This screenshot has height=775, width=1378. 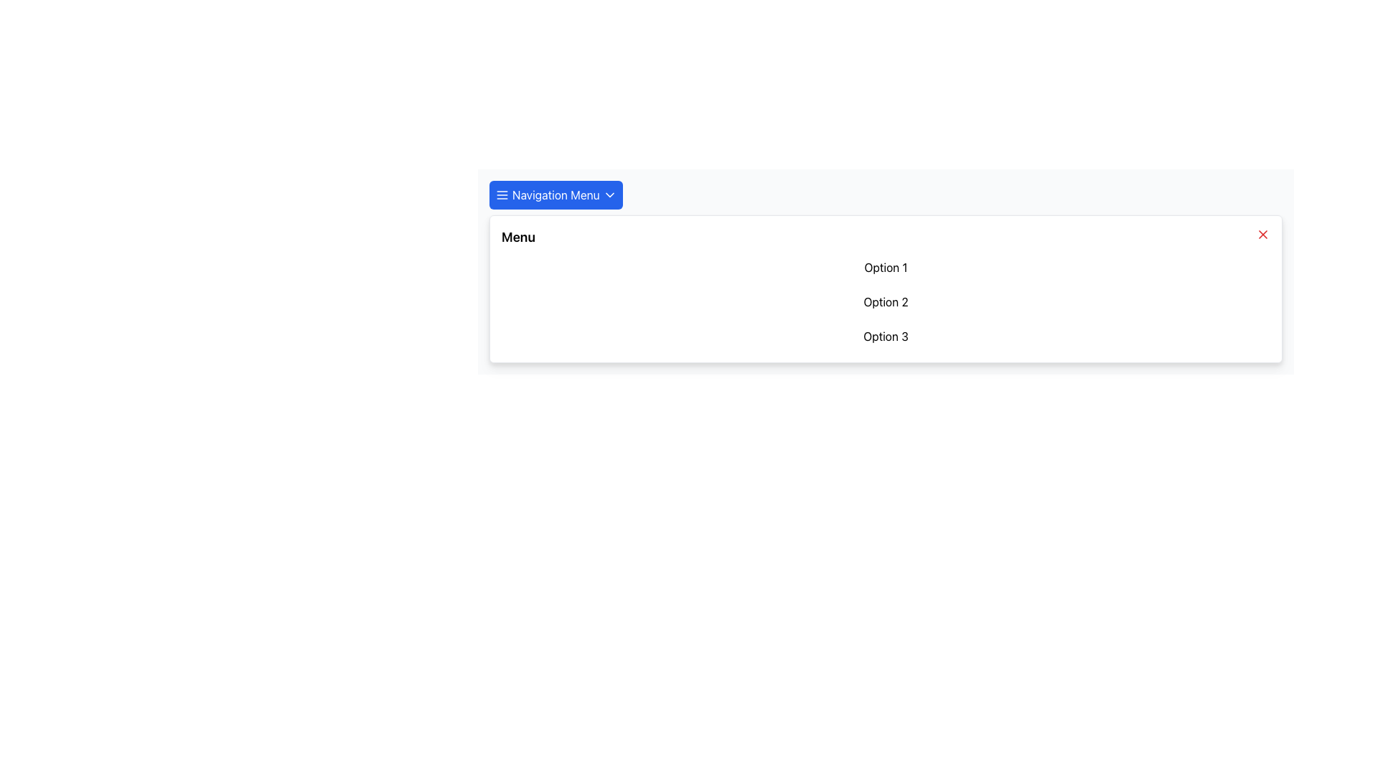 What do you see at coordinates (885, 301) in the screenshot?
I see `the 'Option 2' text button, which is the middle item in a vertical list of three options, displaying a hover effect with a light blue background` at bounding box center [885, 301].